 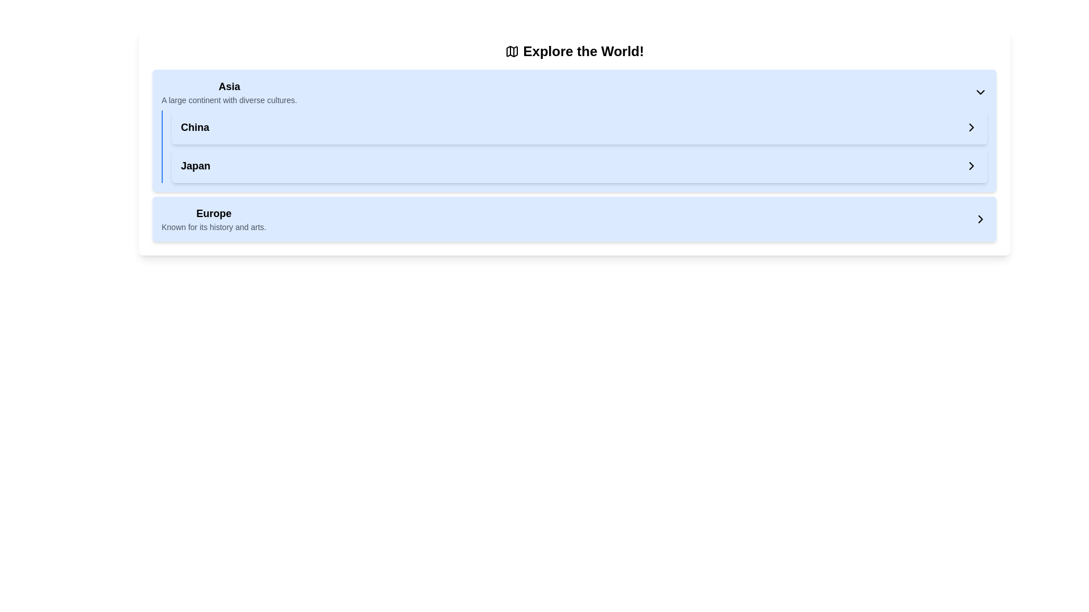 What do you see at coordinates (574, 219) in the screenshot?
I see `the clickable list item labeled 'Europe', which is the fourth item in the vertically-stacked list of regions, located below 'Asia', 'China', and 'Japan'` at bounding box center [574, 219].